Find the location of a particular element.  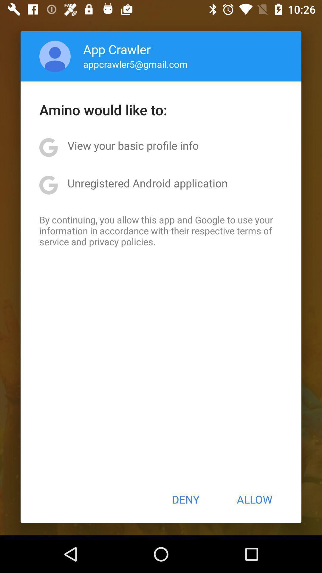

icon next to the allow button is located at coordinates (185, 499).